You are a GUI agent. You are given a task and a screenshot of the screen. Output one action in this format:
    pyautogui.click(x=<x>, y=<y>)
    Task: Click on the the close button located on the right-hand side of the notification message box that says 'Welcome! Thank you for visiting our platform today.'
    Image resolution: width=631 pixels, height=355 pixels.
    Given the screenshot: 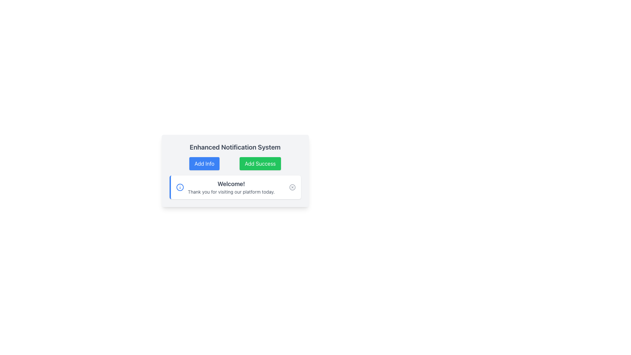 What is the action you would take?
    pyautogui.click(x=292, y=187)
    